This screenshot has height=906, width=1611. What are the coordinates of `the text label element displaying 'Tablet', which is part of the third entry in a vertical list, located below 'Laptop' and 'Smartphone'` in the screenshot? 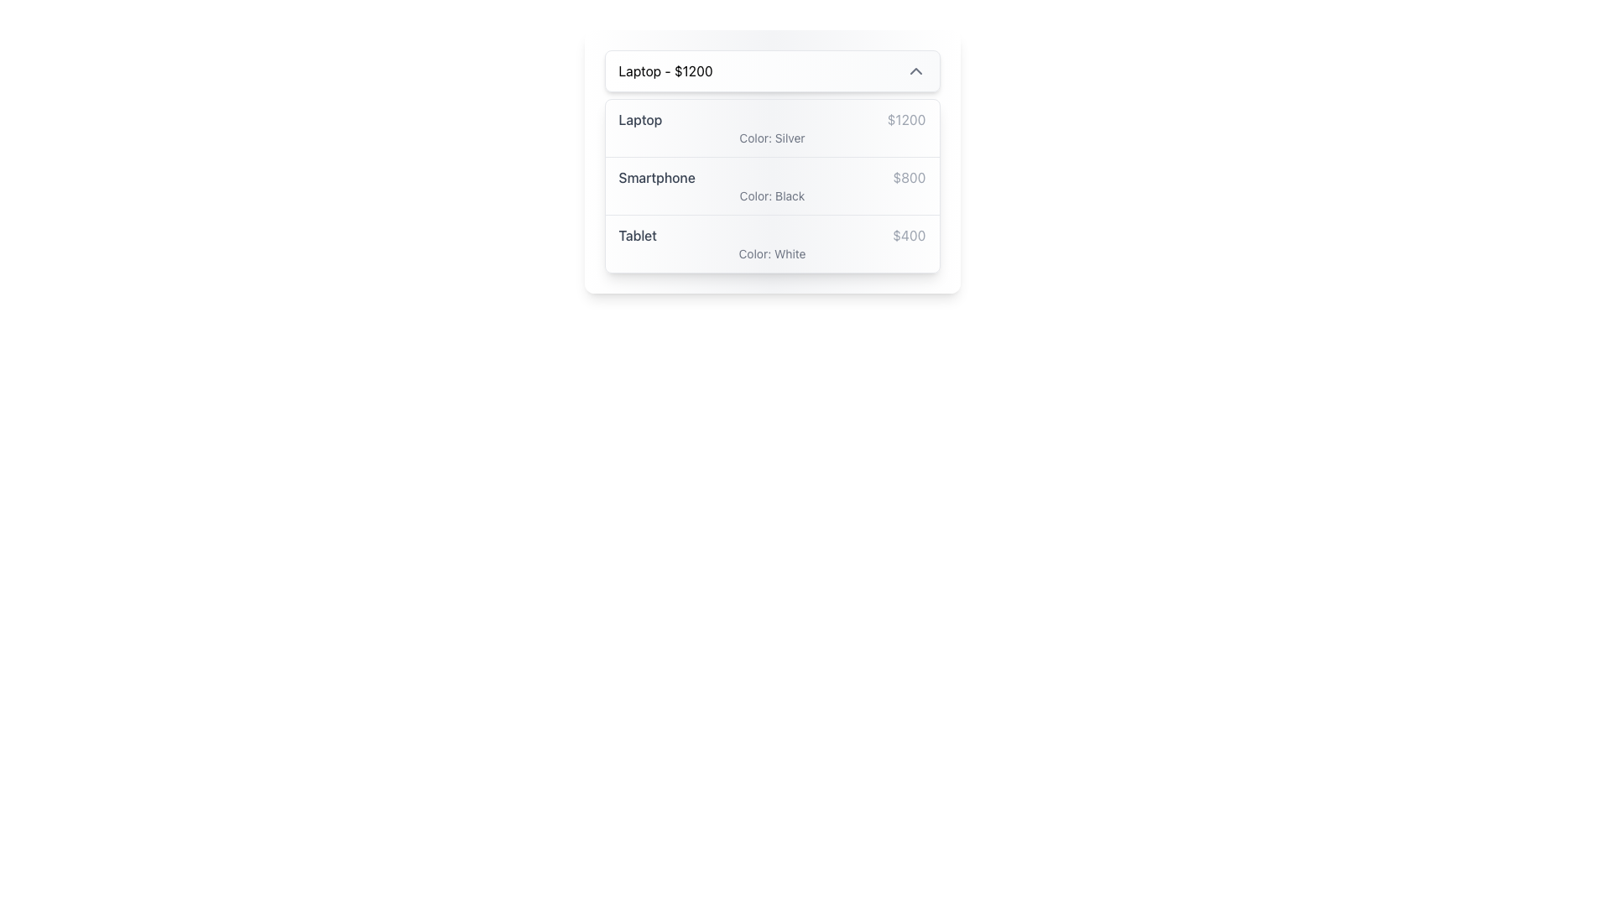 It's located at (637, 236).